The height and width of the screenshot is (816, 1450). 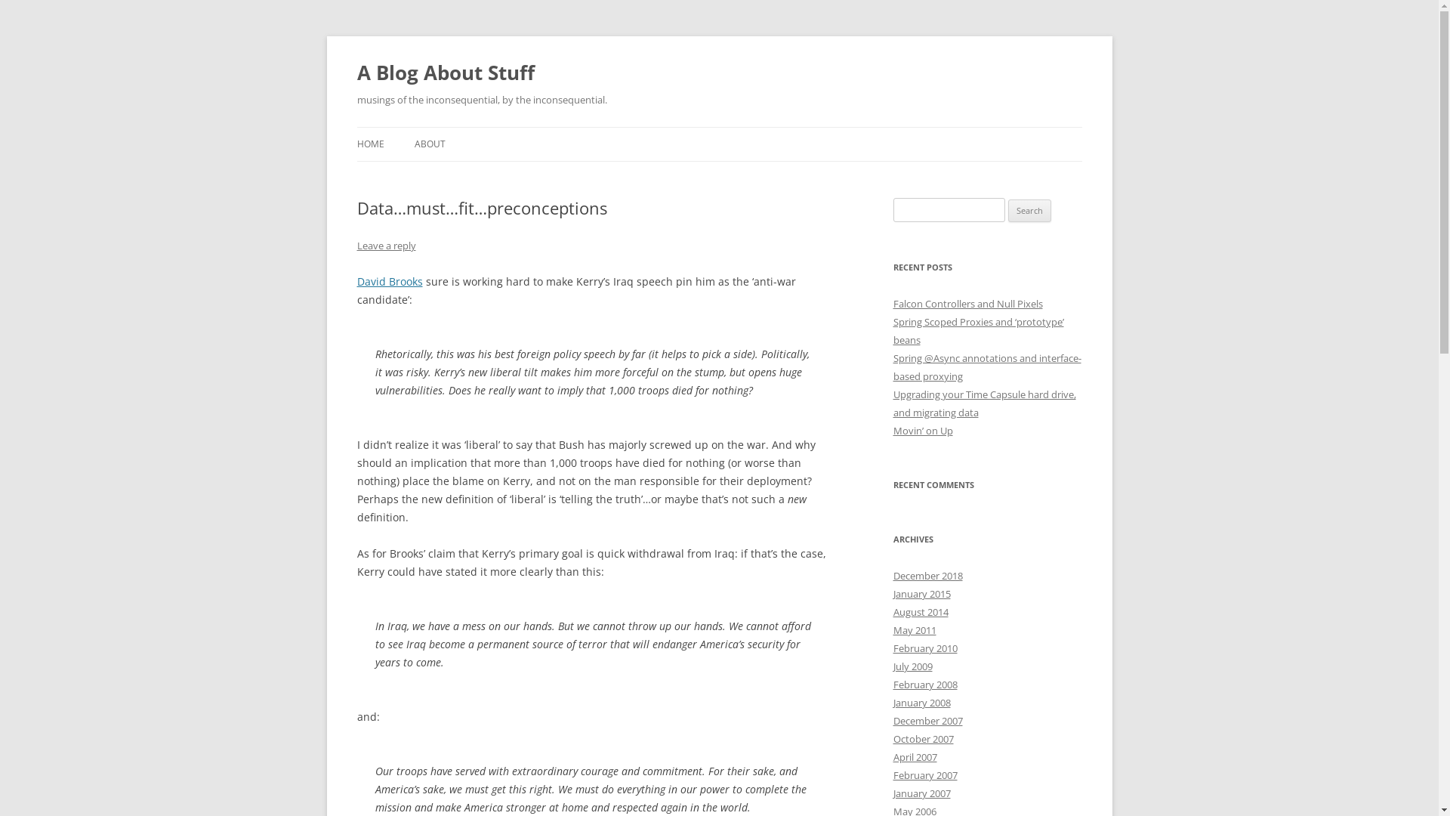 What do you see at coordinates (355, 244) in the screenshot?
I see `'Leave a reply'` at bounding box center [355, 244].